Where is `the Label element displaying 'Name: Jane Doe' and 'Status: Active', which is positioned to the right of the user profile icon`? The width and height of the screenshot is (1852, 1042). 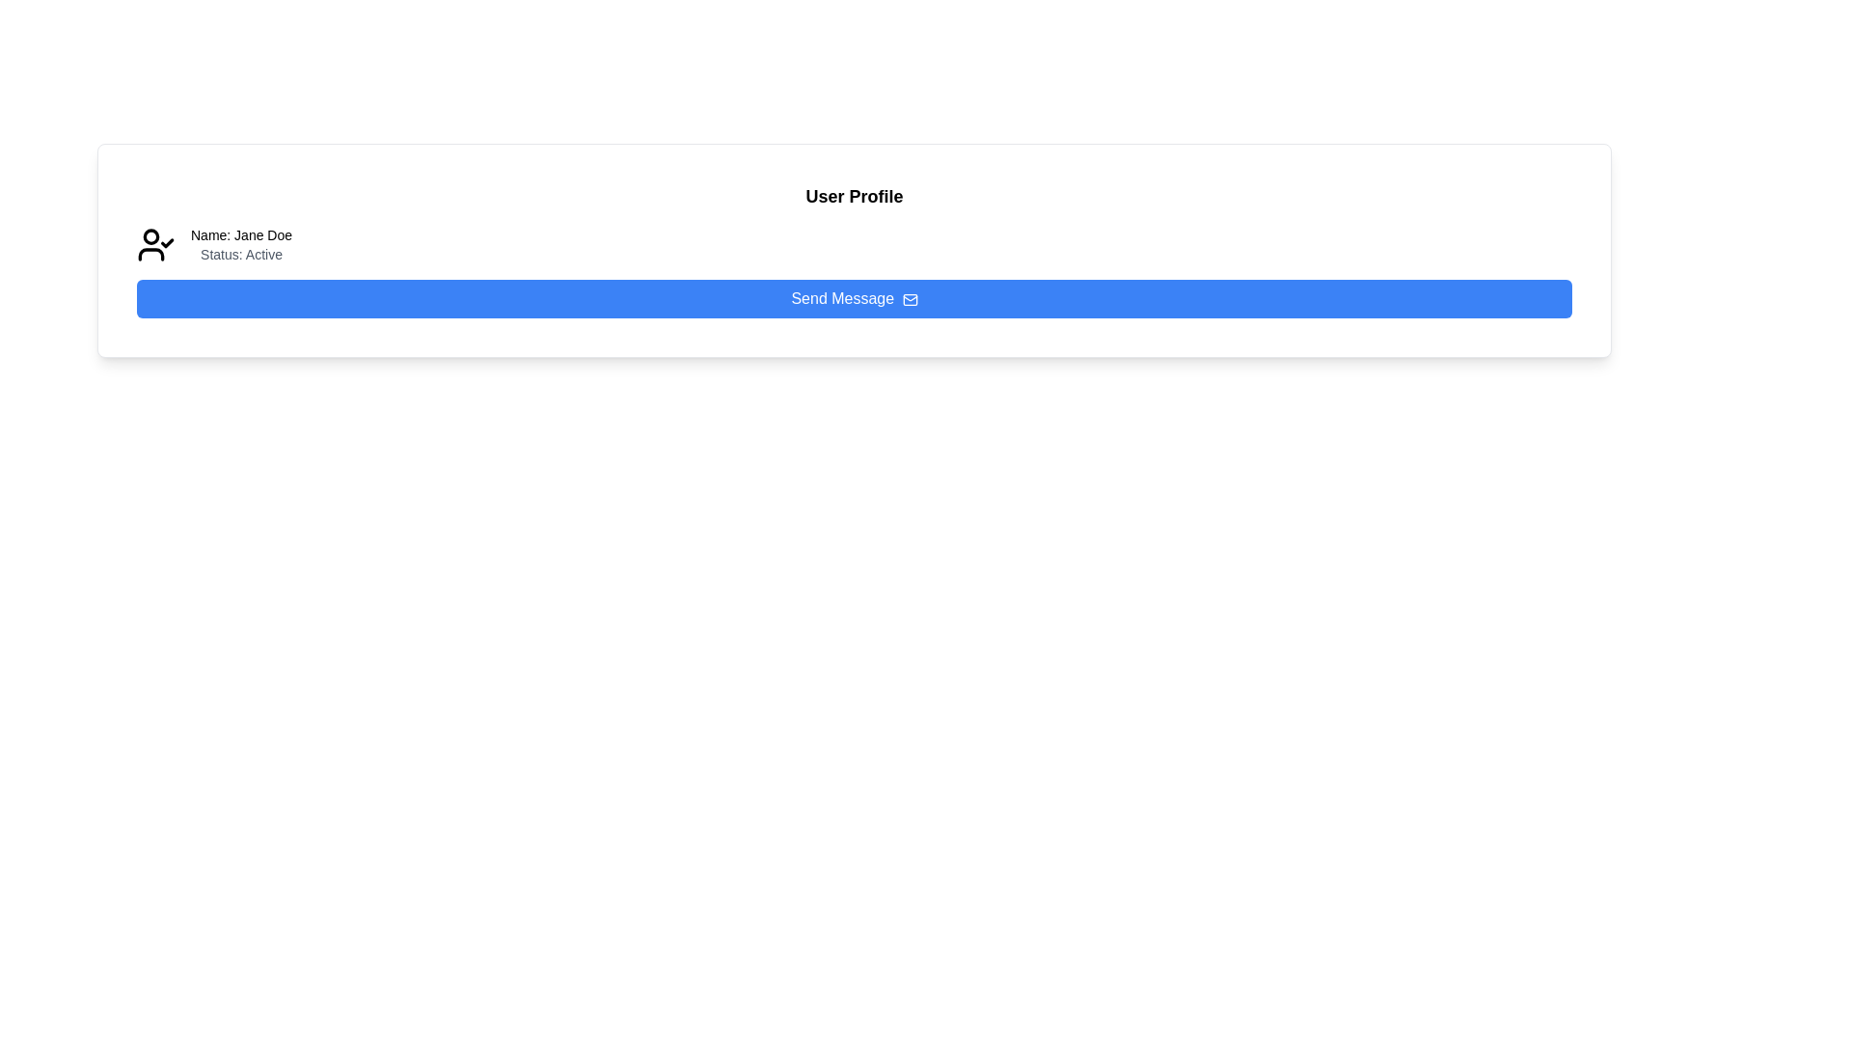 the Label element displaying 'Name: Jane Doe' and 'Status: Active', which is positioned to the right of the user profile icon is located at coordinates (240, 244).